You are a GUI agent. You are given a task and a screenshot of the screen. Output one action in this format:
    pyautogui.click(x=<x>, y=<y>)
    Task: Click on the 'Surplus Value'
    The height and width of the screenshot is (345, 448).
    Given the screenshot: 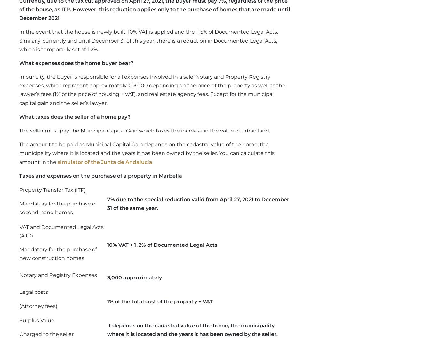 What is the action you would take?
    pyautogui.click(x=37, y=320)
    